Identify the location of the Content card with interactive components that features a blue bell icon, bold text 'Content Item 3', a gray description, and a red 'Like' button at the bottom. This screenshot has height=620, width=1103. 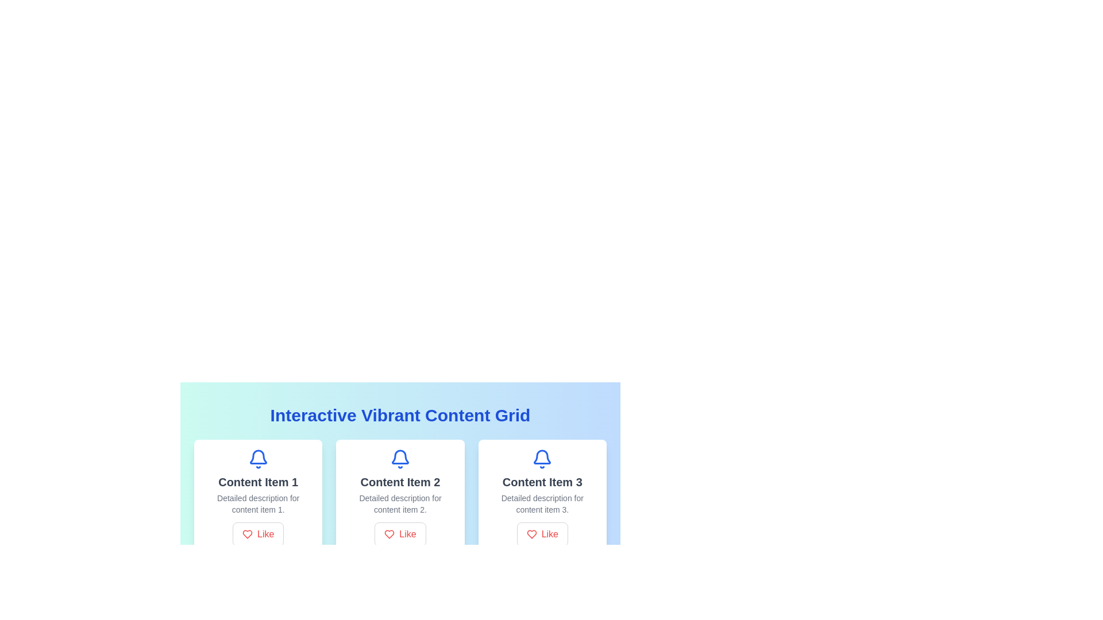
(542, 497).